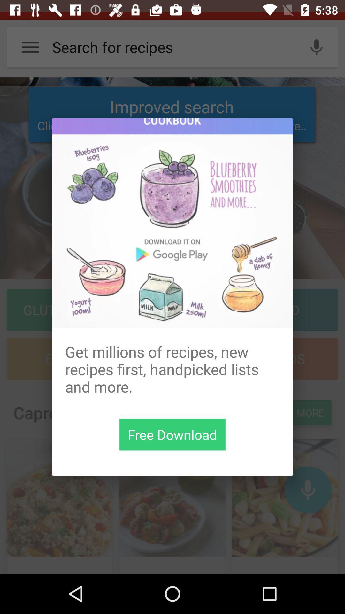 Image resolution: width=345 pixels, height=614 pixels. What do you see at coordinates (172, 223) in the screenshot?
I see `the partner 's website` at bounding box center [172, 223].